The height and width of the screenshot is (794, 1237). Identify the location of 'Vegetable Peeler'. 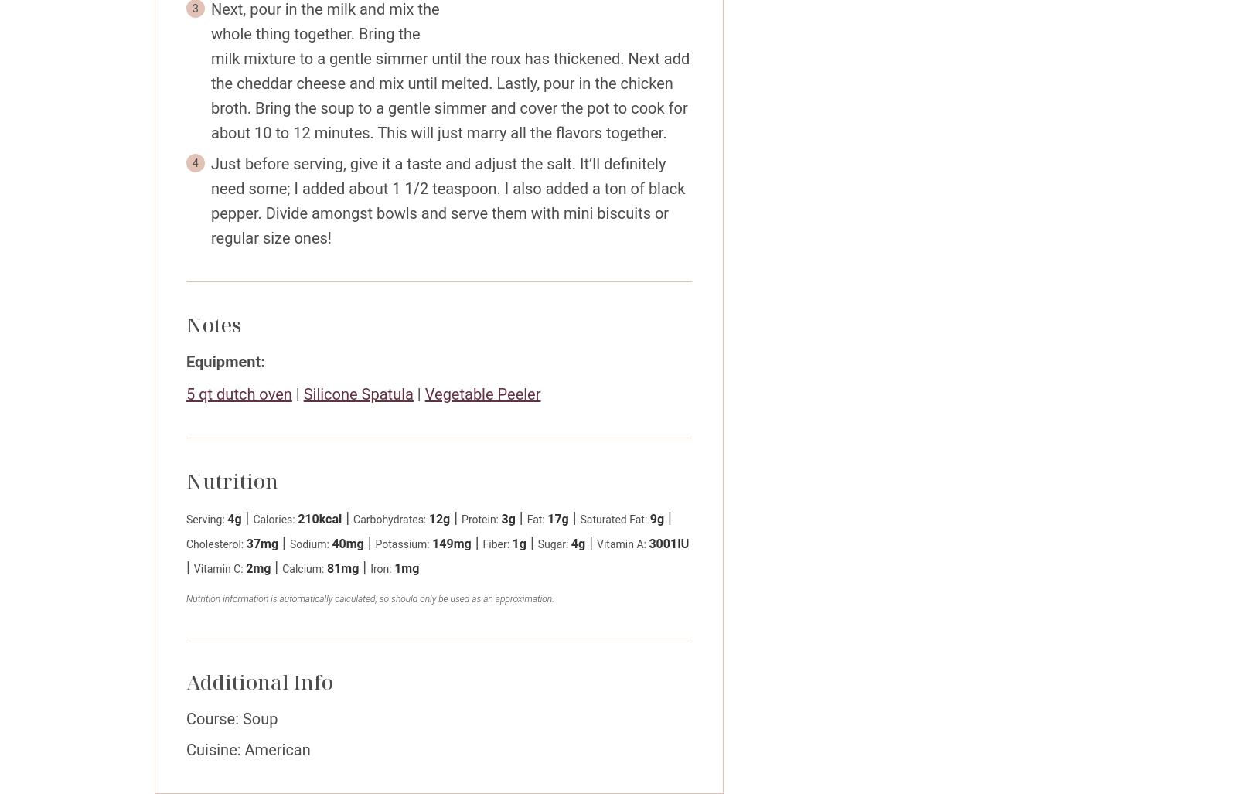
(482, 394).